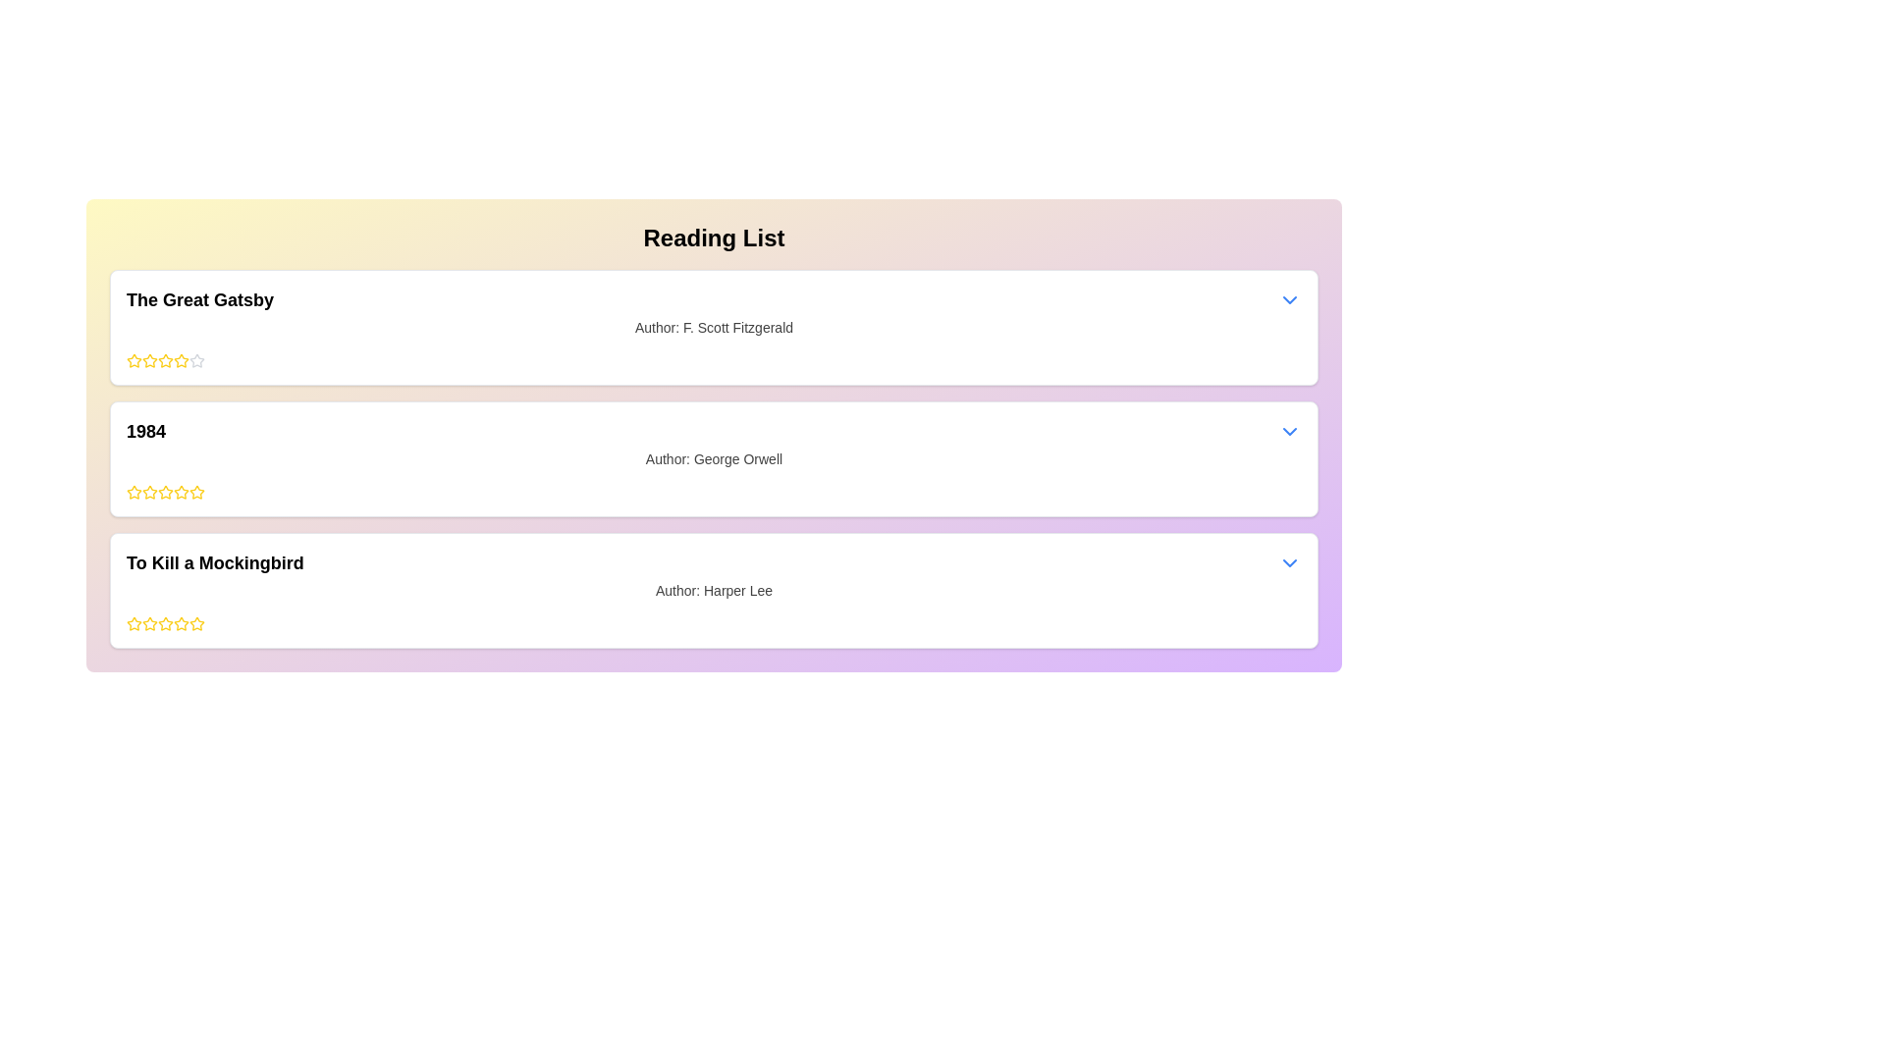  What do you see at coordinates (215, 563) in the screenshot?
I see `the text label displaying 'To Kill a Mockingbird' which is prominently positioned in bold font at the start of its section` at bounding box center [215, 563].